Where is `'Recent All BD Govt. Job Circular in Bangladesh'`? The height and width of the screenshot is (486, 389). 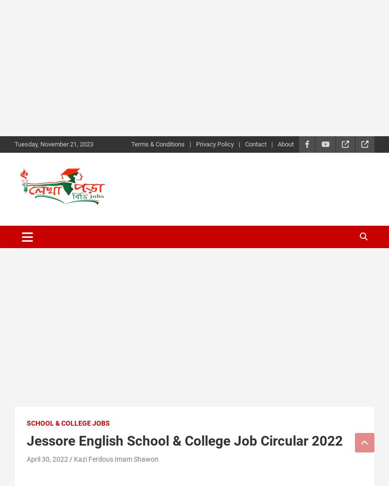 'Recent All BD Govt. Job Circular in Bangladesh' is located at coordinates (90, 215).